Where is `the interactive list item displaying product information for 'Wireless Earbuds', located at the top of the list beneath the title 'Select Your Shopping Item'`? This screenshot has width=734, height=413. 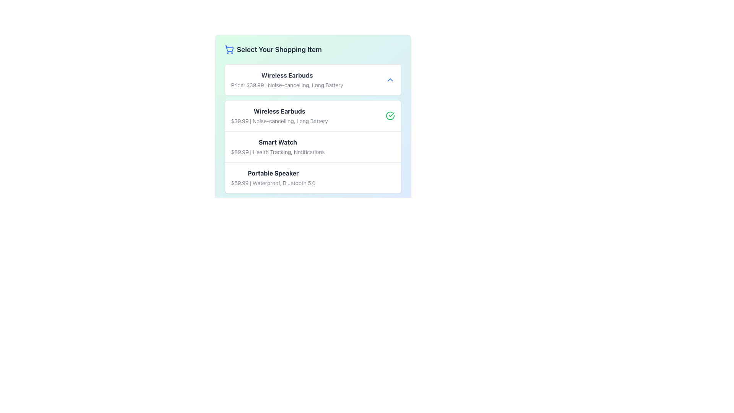 the interactive list item displaying product information for 'Wireless Earbuds', located at the top of the list beneath the title 'Select Your Shopping Item' is located at coordinates (313, 80).